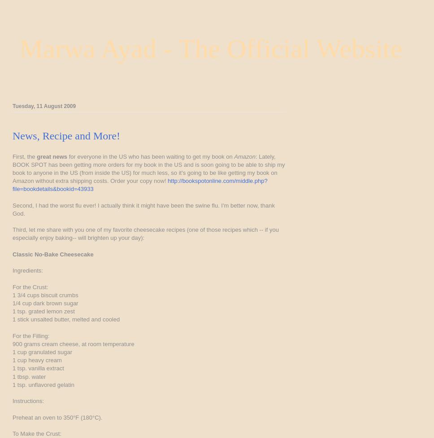 This screenshot has width=434, height=438. What do you see at coordinates (143, 209) in the screenshot?
I see `'Second, I had the worst flu ever! I actually think it might have been the swine flu. I'm better now, thank God.'` at bounding box center [143, 209].